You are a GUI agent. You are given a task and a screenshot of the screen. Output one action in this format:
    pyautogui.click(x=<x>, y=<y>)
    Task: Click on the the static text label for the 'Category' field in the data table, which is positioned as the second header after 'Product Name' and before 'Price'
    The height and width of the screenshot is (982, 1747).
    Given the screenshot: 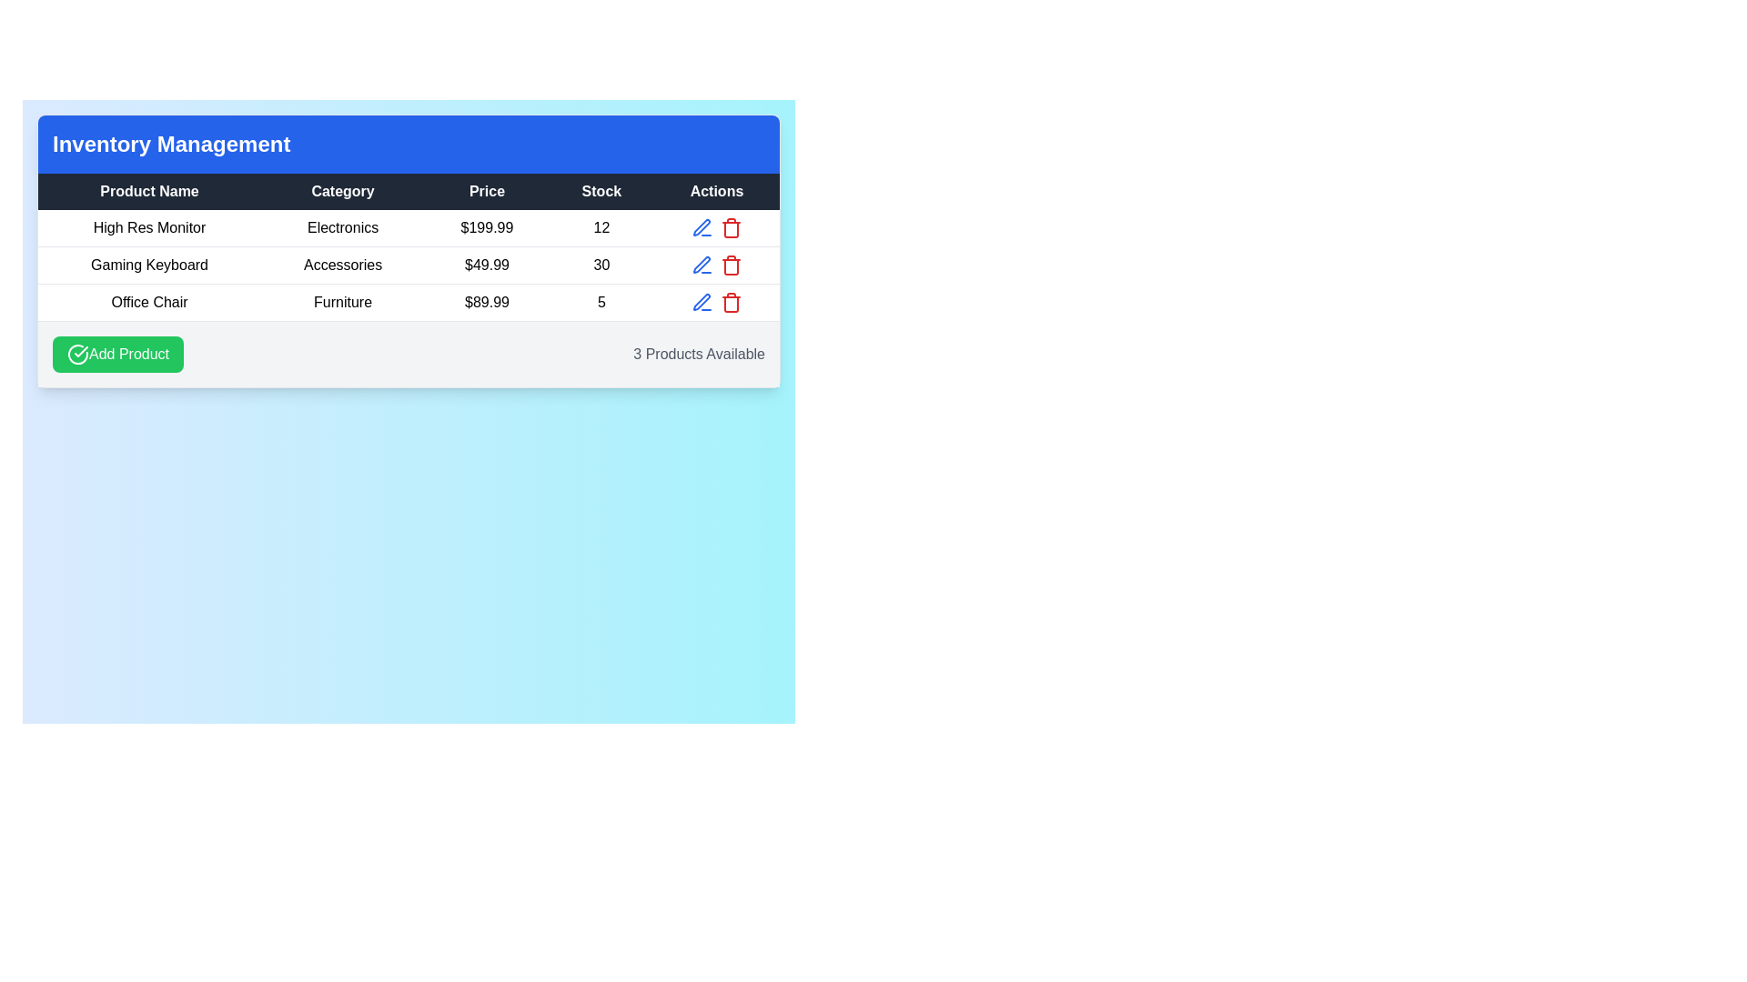 What is the action you would take?
    pyautogui.click(x=343, y=192)
    